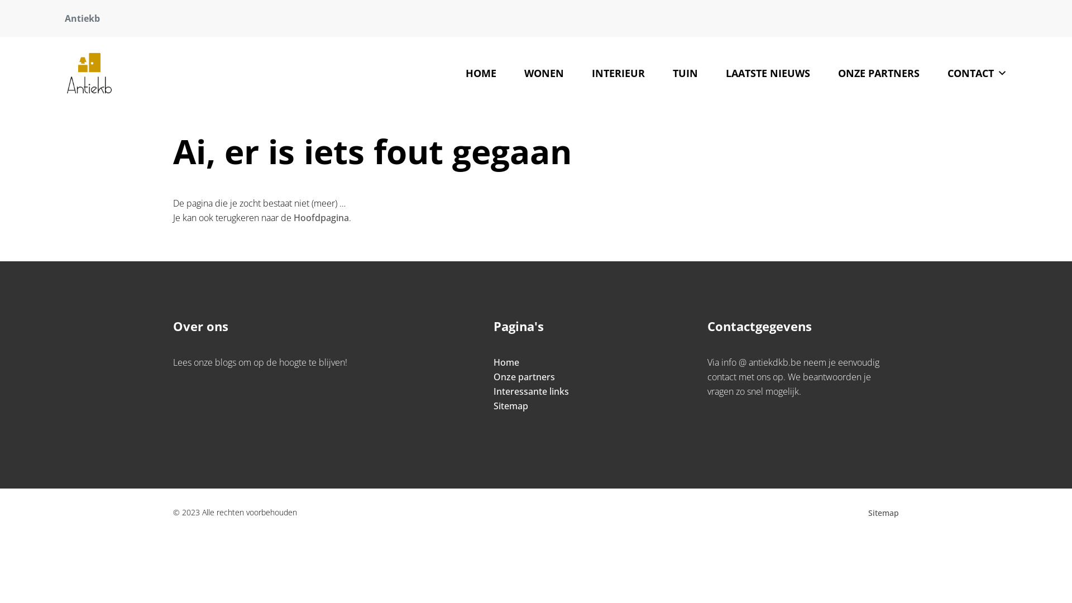  Describe the element at coordinates (492, 405) in the screenshot. I see `'Sitemap'` at that location.